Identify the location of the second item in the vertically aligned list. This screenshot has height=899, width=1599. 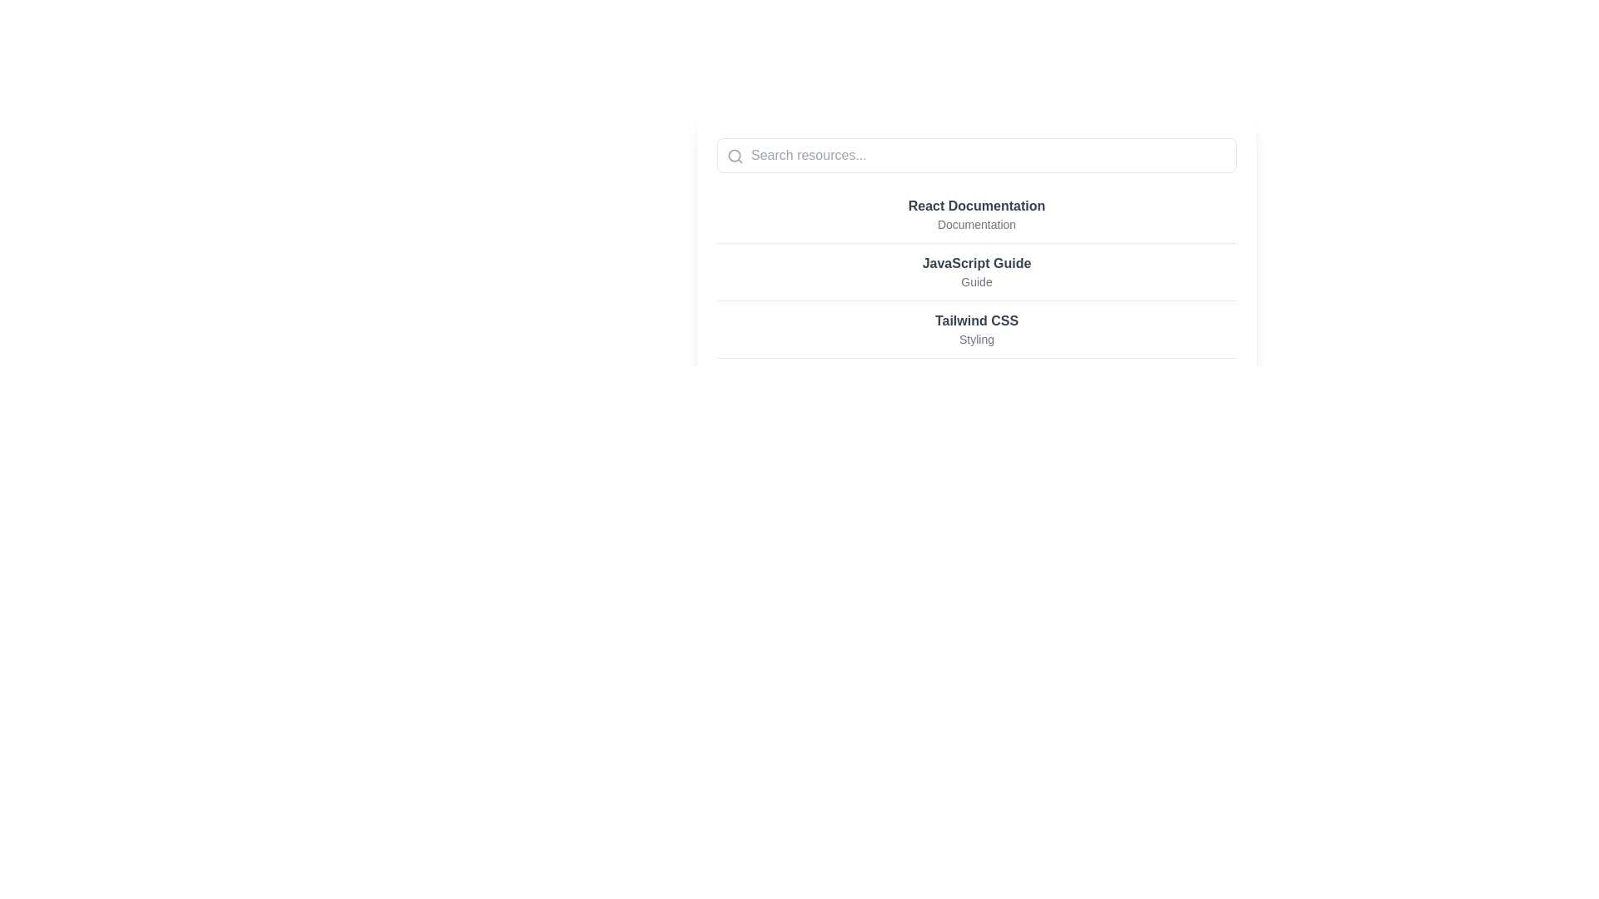
(976, 271).